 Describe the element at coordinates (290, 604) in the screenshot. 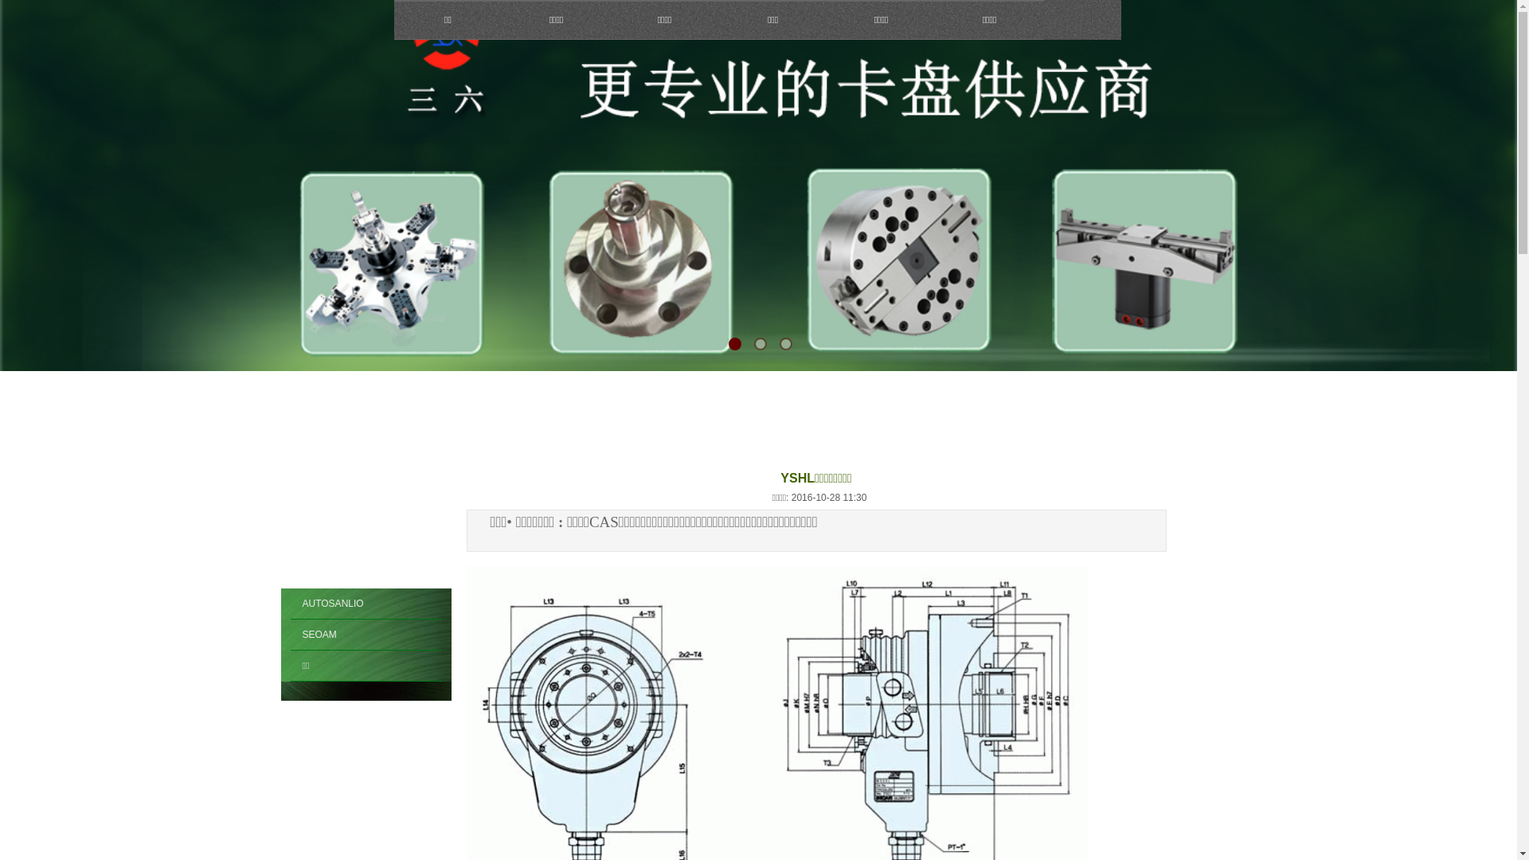

I see `'AUTOSANLIO'` at that location.